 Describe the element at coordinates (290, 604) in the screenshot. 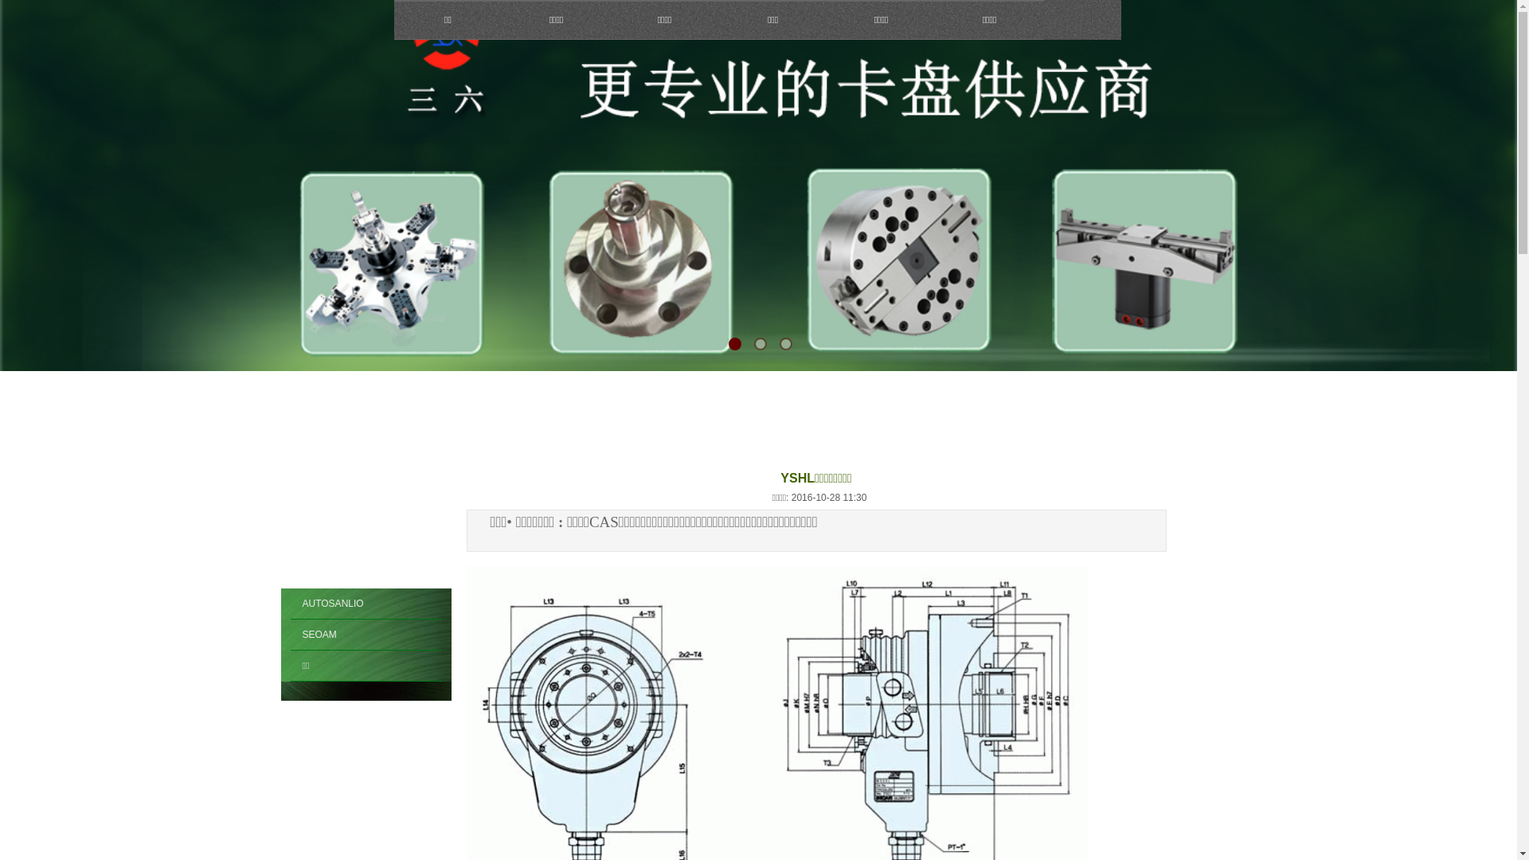

I see `'AUTOSANLIO'` at that location.